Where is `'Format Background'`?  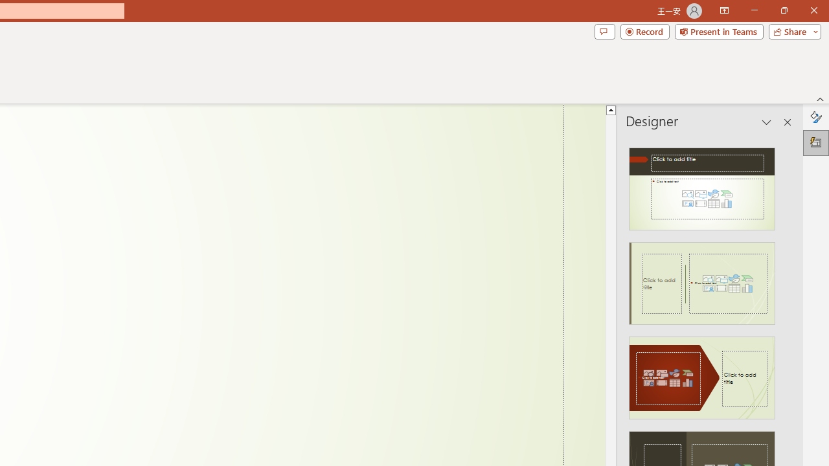 'Format Background' is located at coordinates (815, 117).